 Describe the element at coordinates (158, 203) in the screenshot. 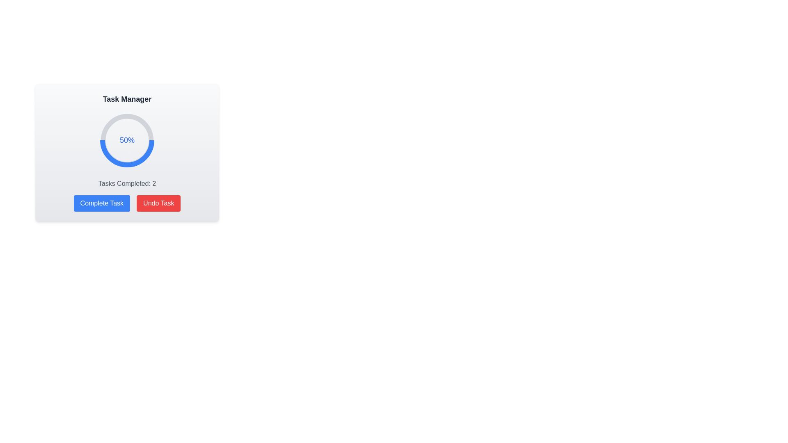

I see `the 'Undo Task' button, which is a rectangular button with a red background and white text, located to the right of the 'Complete Task' button in the Task Manager section` at that location.